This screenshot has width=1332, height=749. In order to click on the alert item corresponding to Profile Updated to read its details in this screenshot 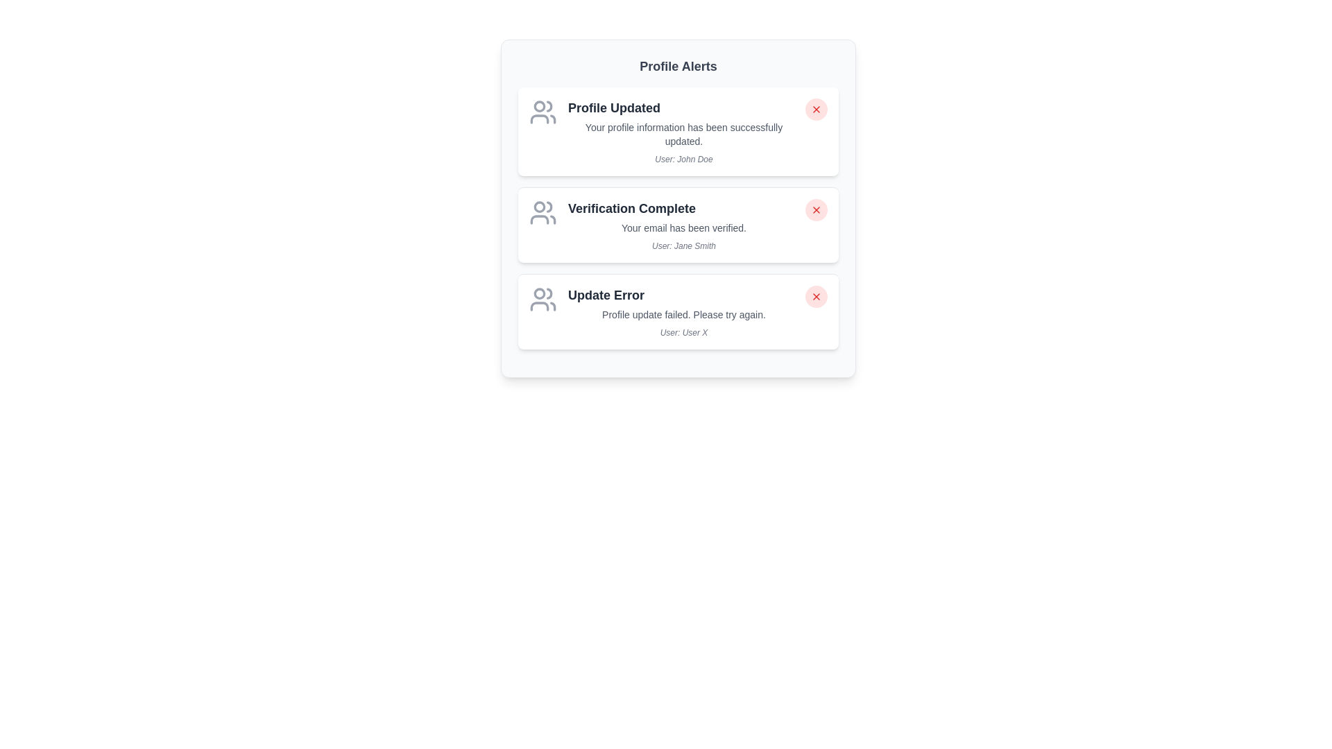, I will do `click(678, 131)`.